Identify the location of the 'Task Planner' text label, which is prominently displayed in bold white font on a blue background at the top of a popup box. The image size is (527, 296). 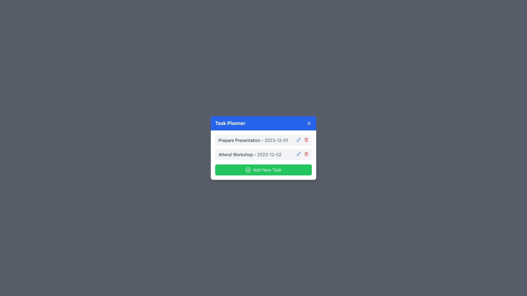
(230, 123).